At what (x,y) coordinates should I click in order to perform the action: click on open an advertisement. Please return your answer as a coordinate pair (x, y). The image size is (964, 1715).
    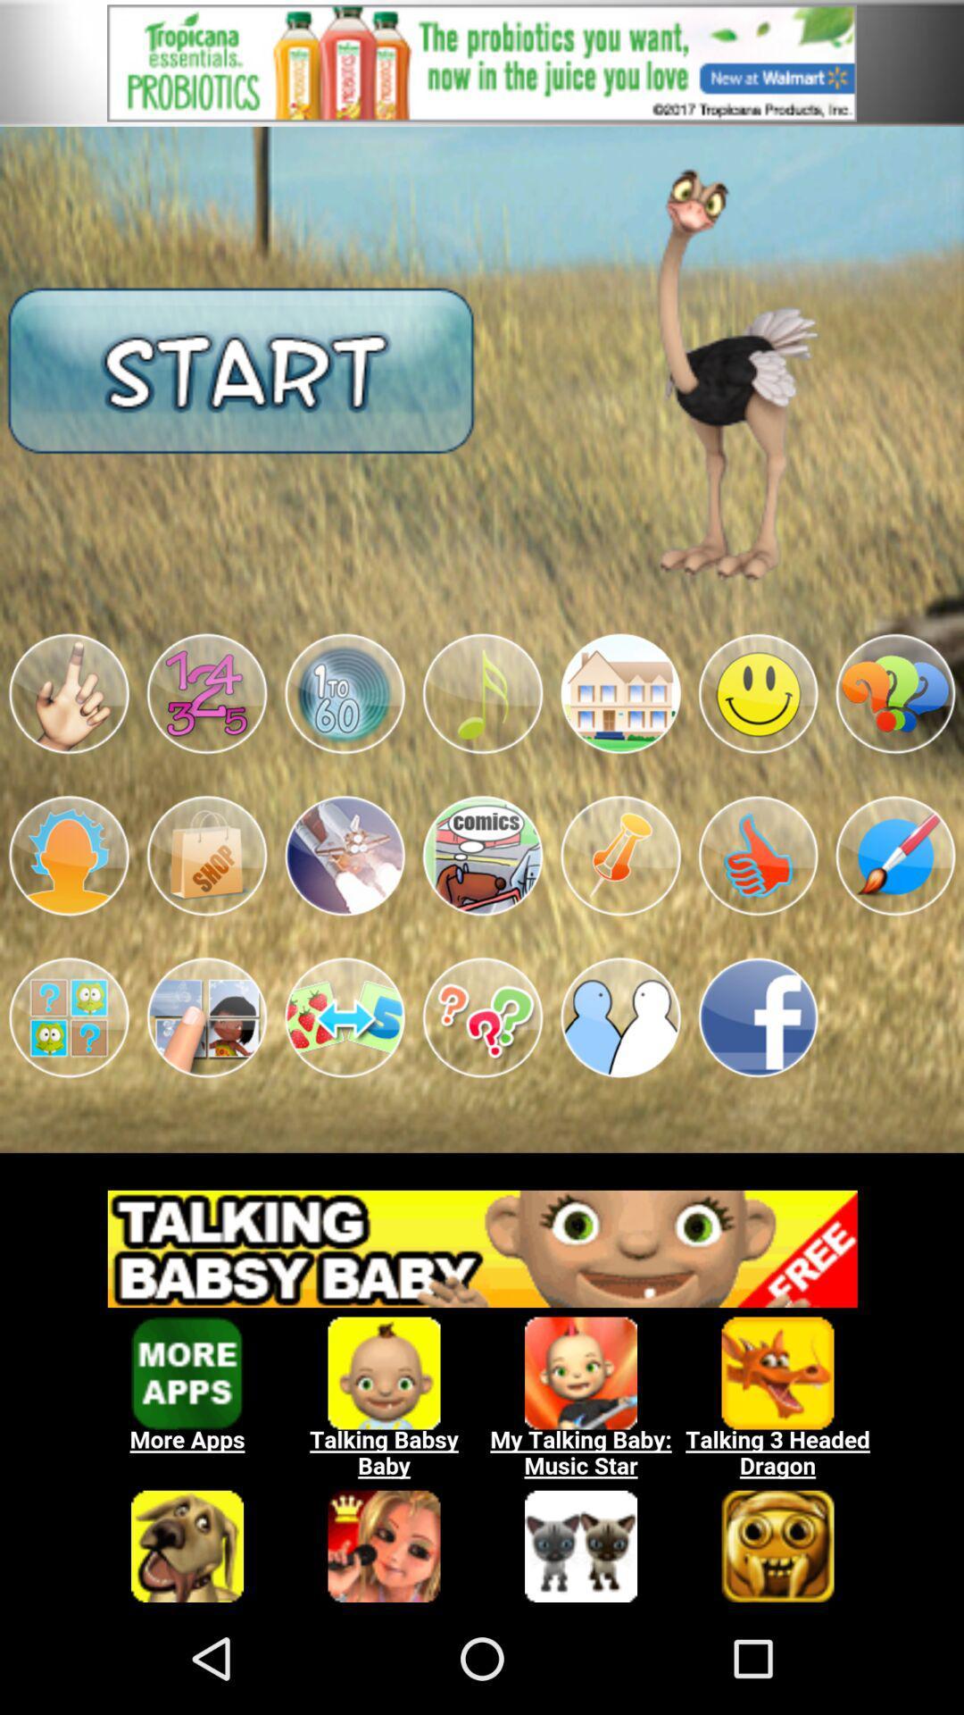
    Looking at the image, I should click on (482, 63).